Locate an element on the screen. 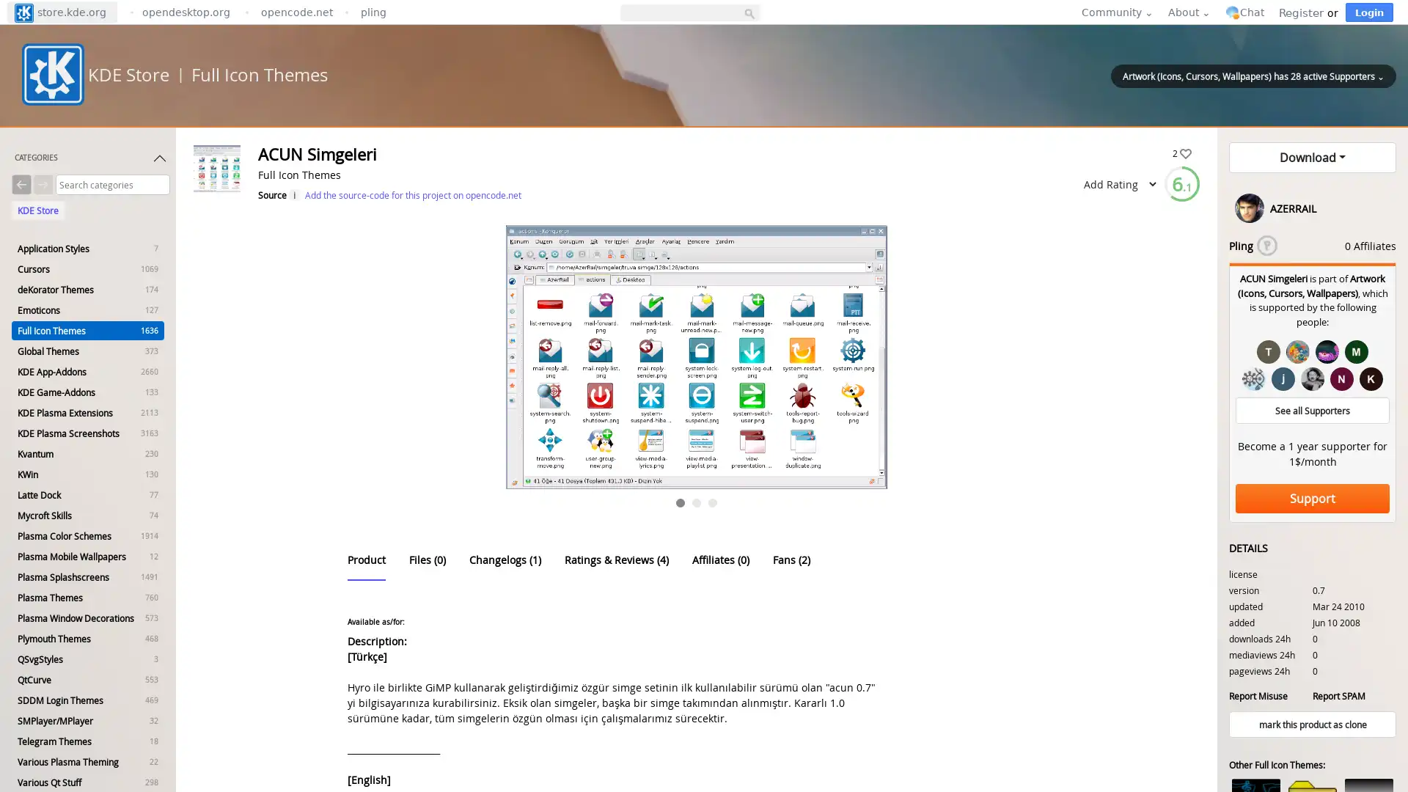 The width and height of the screenshot is (1408, 792). Go to slide 3 is located at coordinates (713, 502).